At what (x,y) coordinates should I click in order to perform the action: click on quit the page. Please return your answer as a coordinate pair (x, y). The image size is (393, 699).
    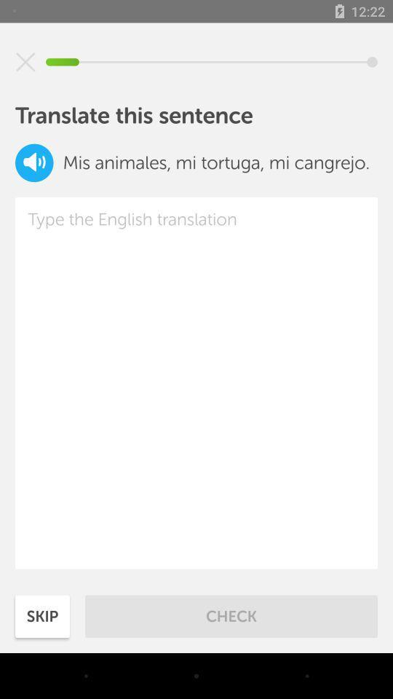
    Looking at the image, I should click on (25, 62).